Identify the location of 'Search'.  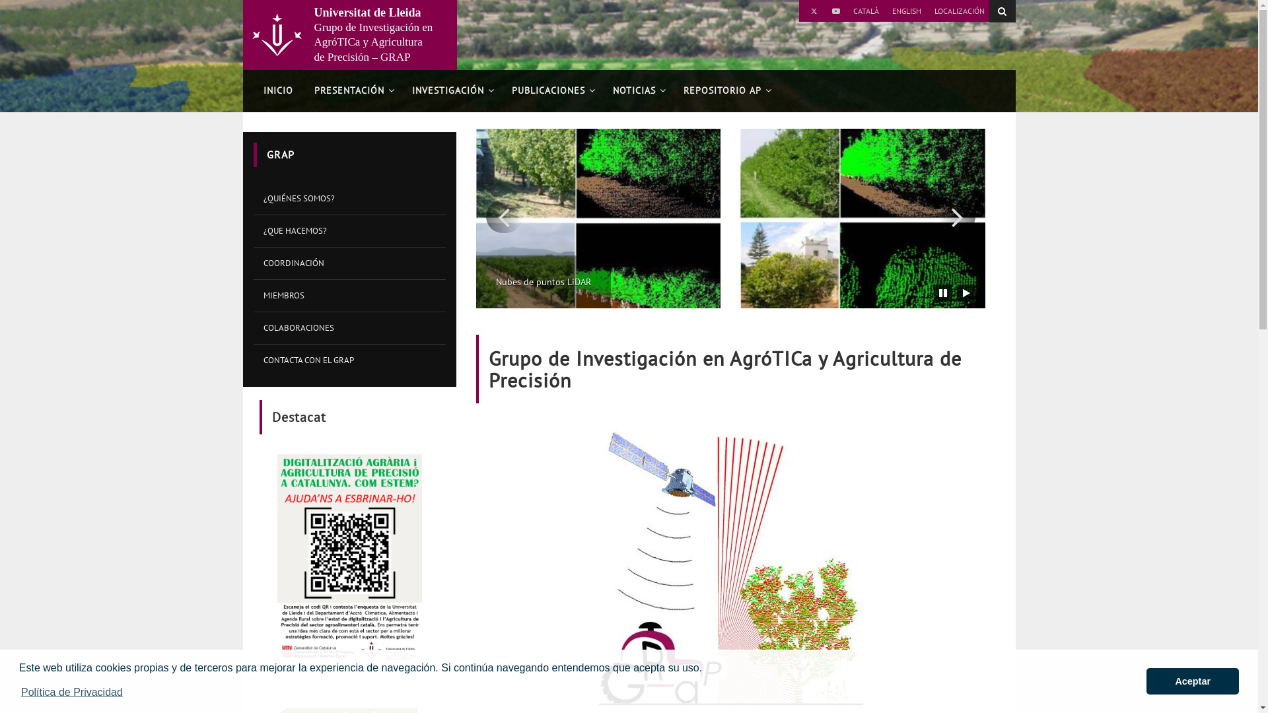
(1002, 11).